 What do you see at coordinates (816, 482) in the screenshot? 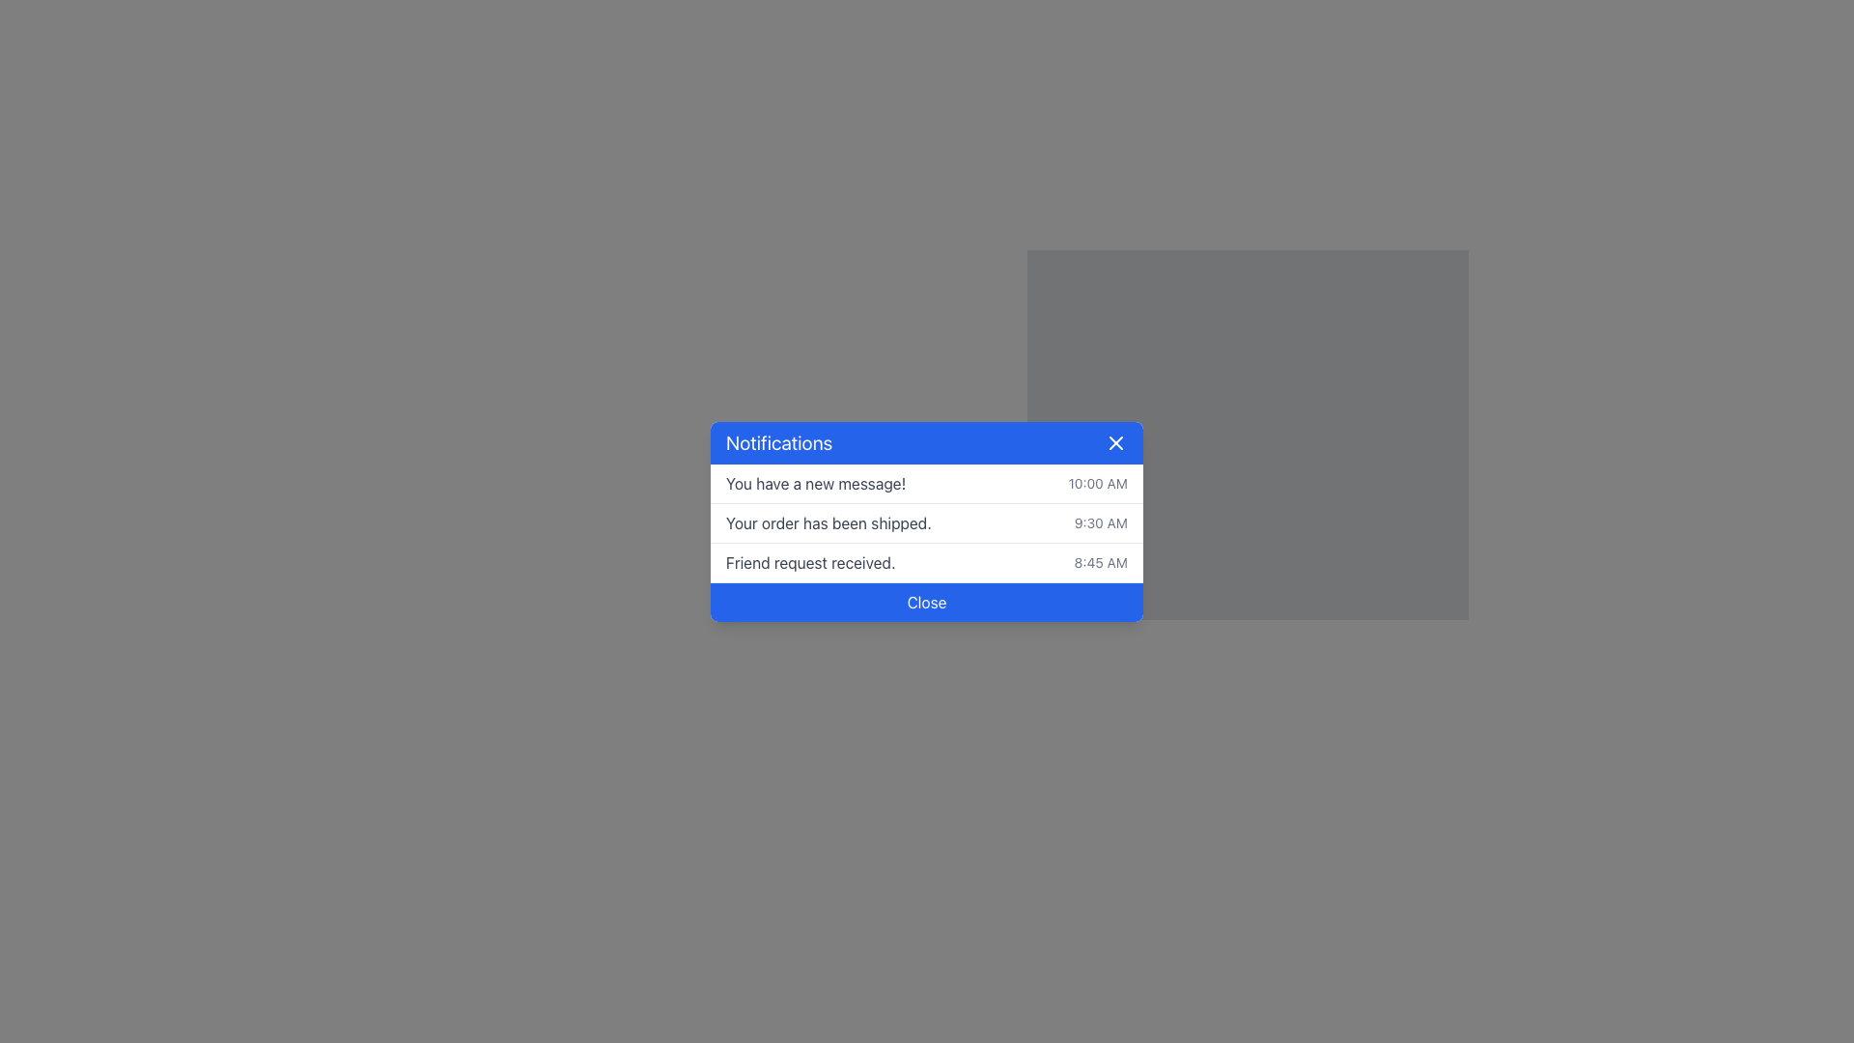
I see `the text label that states 'You have a new message!' in gray color, located in the notification box on the left side of the first row` at bounding box center [816, 482].